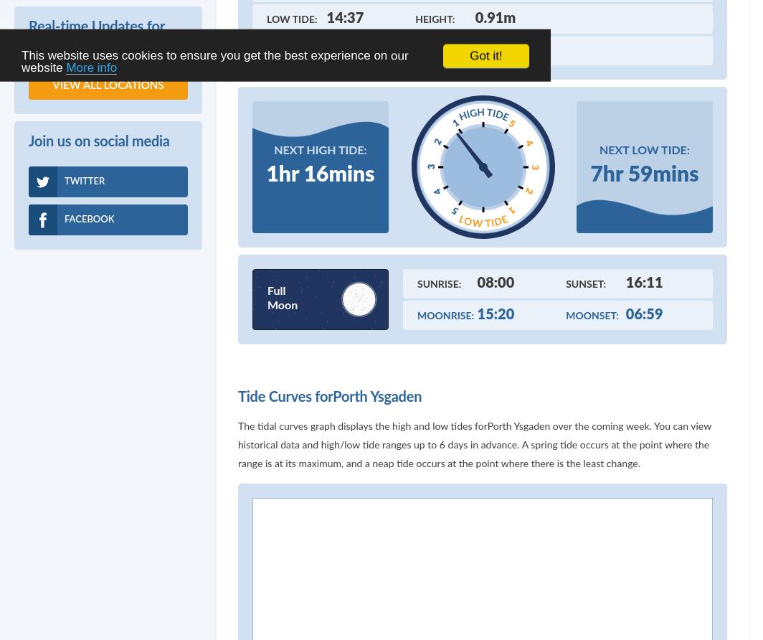  What do you see at coordinates (417, 283) in the screenshot?
I see `'Sunrise:'` at bounding box center [417, 283].